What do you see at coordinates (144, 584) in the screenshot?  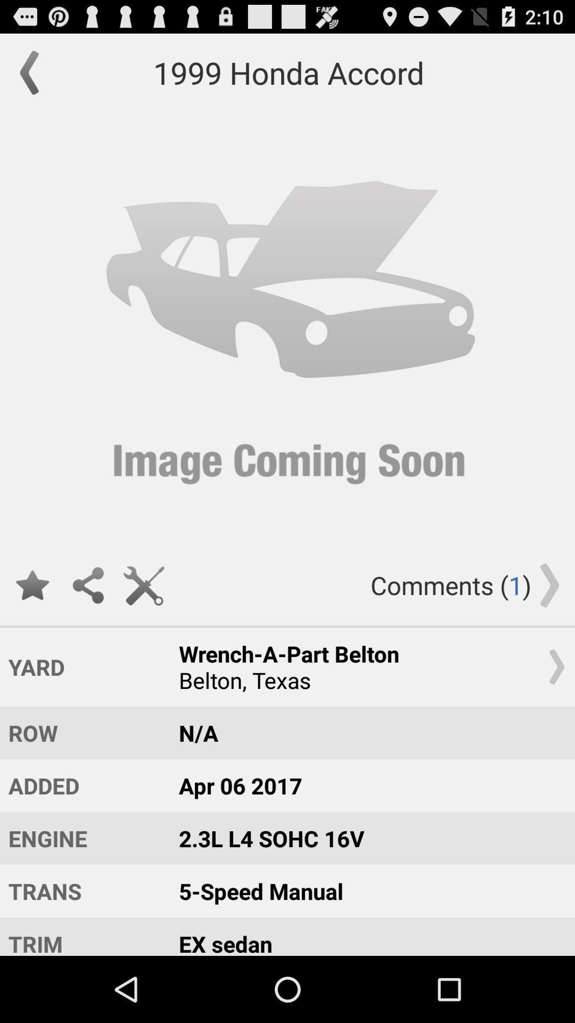 I see `icon next to the comments (1) app` at bounding box center [144, 584].